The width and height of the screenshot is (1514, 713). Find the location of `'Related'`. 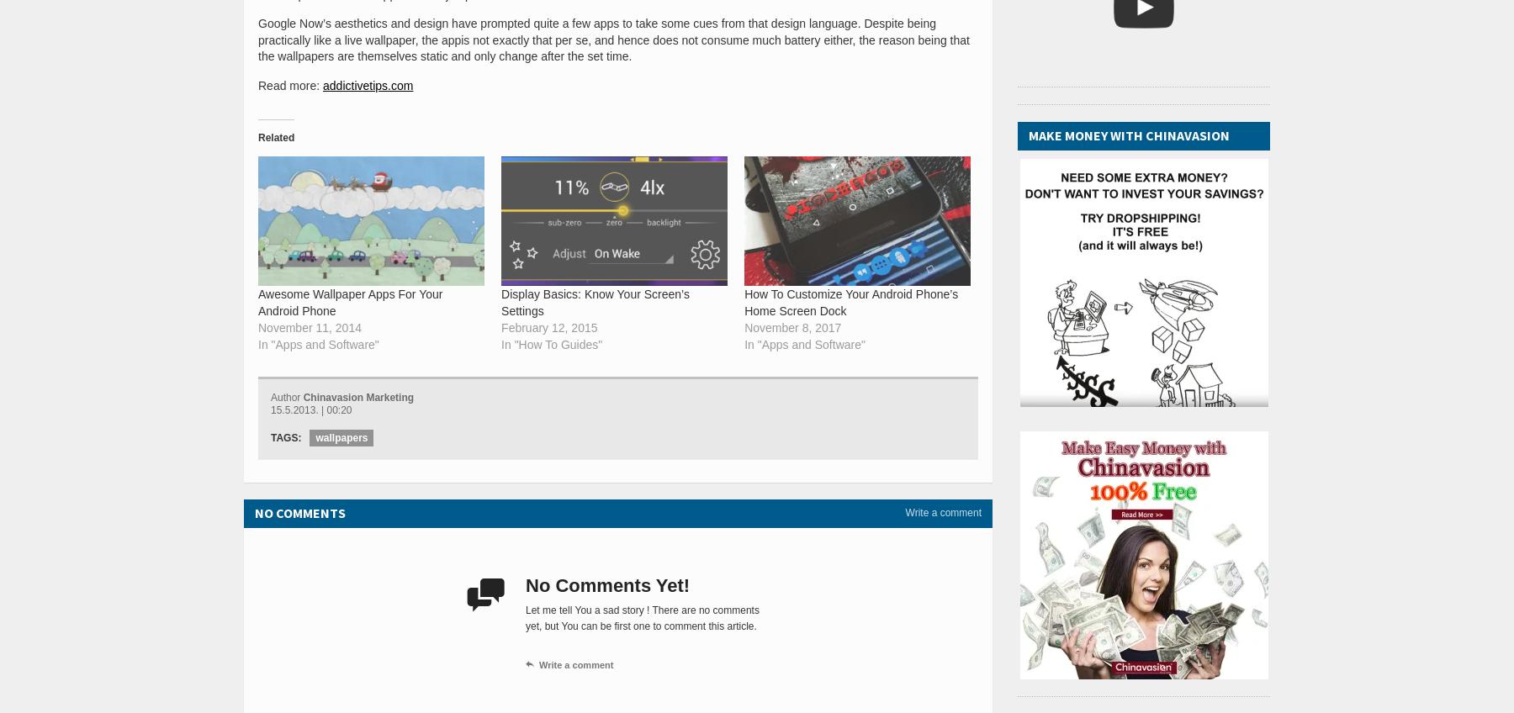

'Related' is located at coordinates (275, 136).